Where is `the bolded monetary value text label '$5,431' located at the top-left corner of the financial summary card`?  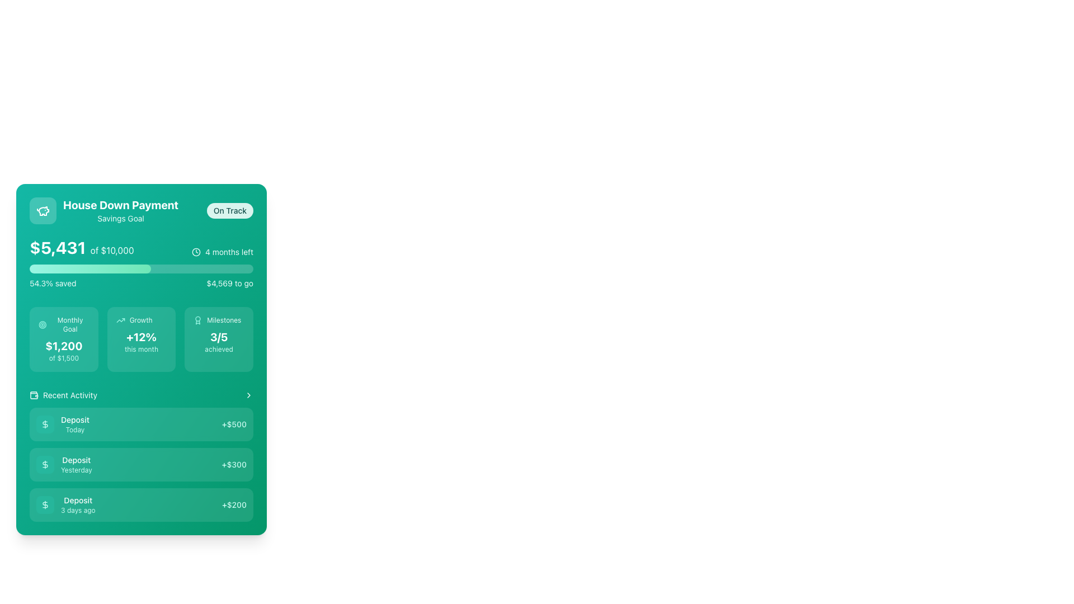 the bolded monetary value text label '$5,431' located at the top-left corner of the financial summary card is located at coordinates (57, 247).